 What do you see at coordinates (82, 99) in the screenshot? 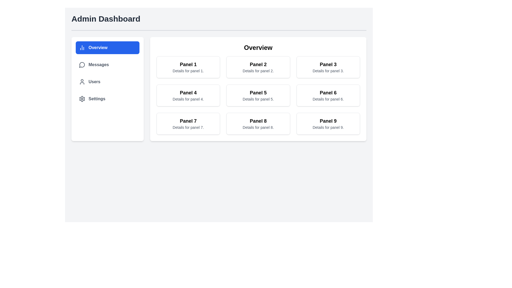
I see `the gear icon, which is the fourth option in the vertical left-hand navigation menu below 'Users' and above 'Settings'` at bounding box center [82, 99].